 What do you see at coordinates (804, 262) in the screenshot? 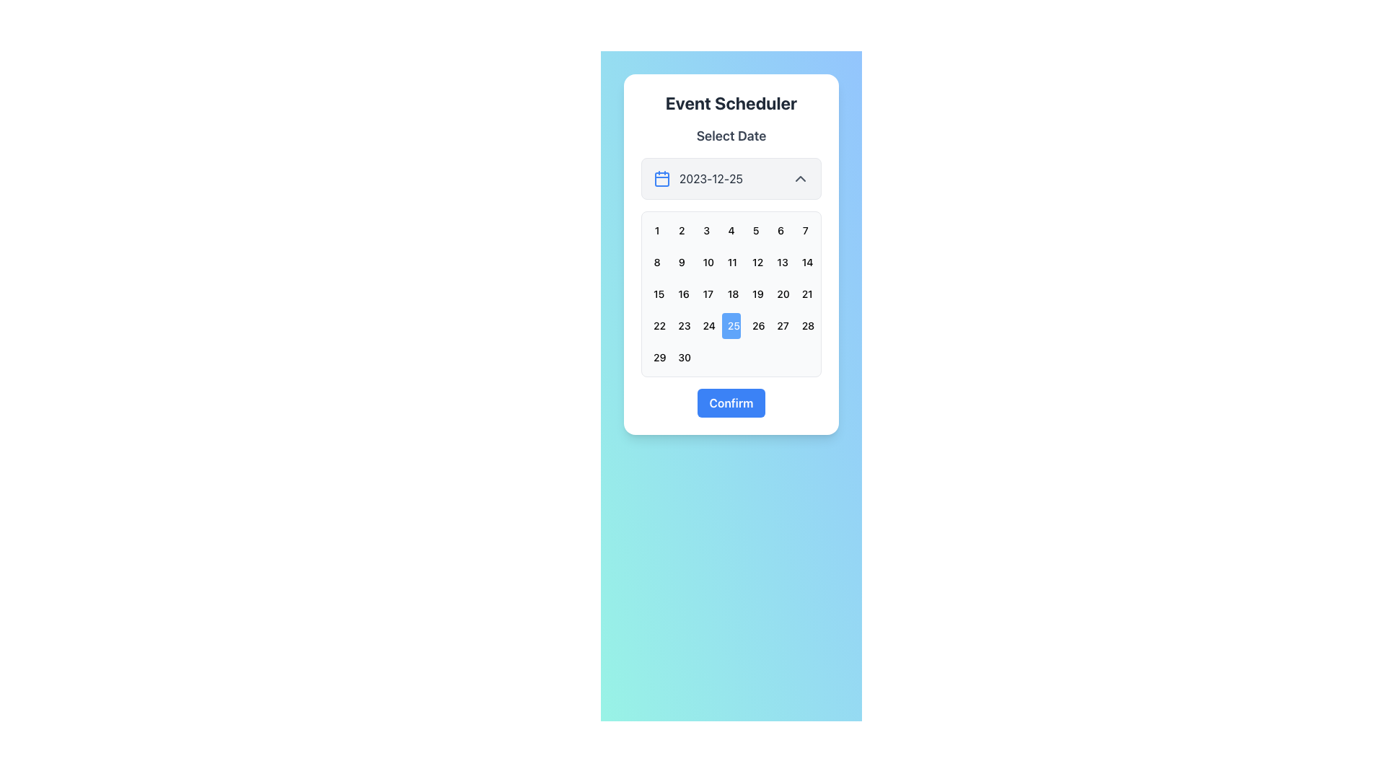
I see `the button representing the date '14' in the calendar interface` at bounding box center [804, 262].